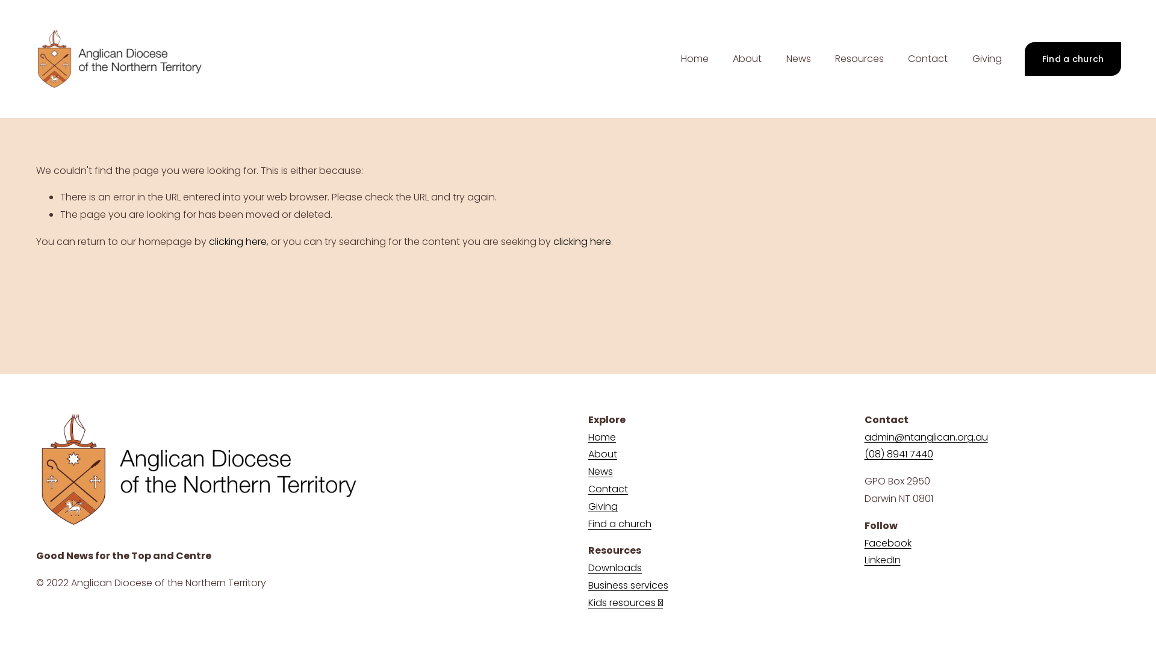  What do you see at coordinates (887, 543) in the screenshot?
I see `'Facebook'` at bounding box center [887, 543].